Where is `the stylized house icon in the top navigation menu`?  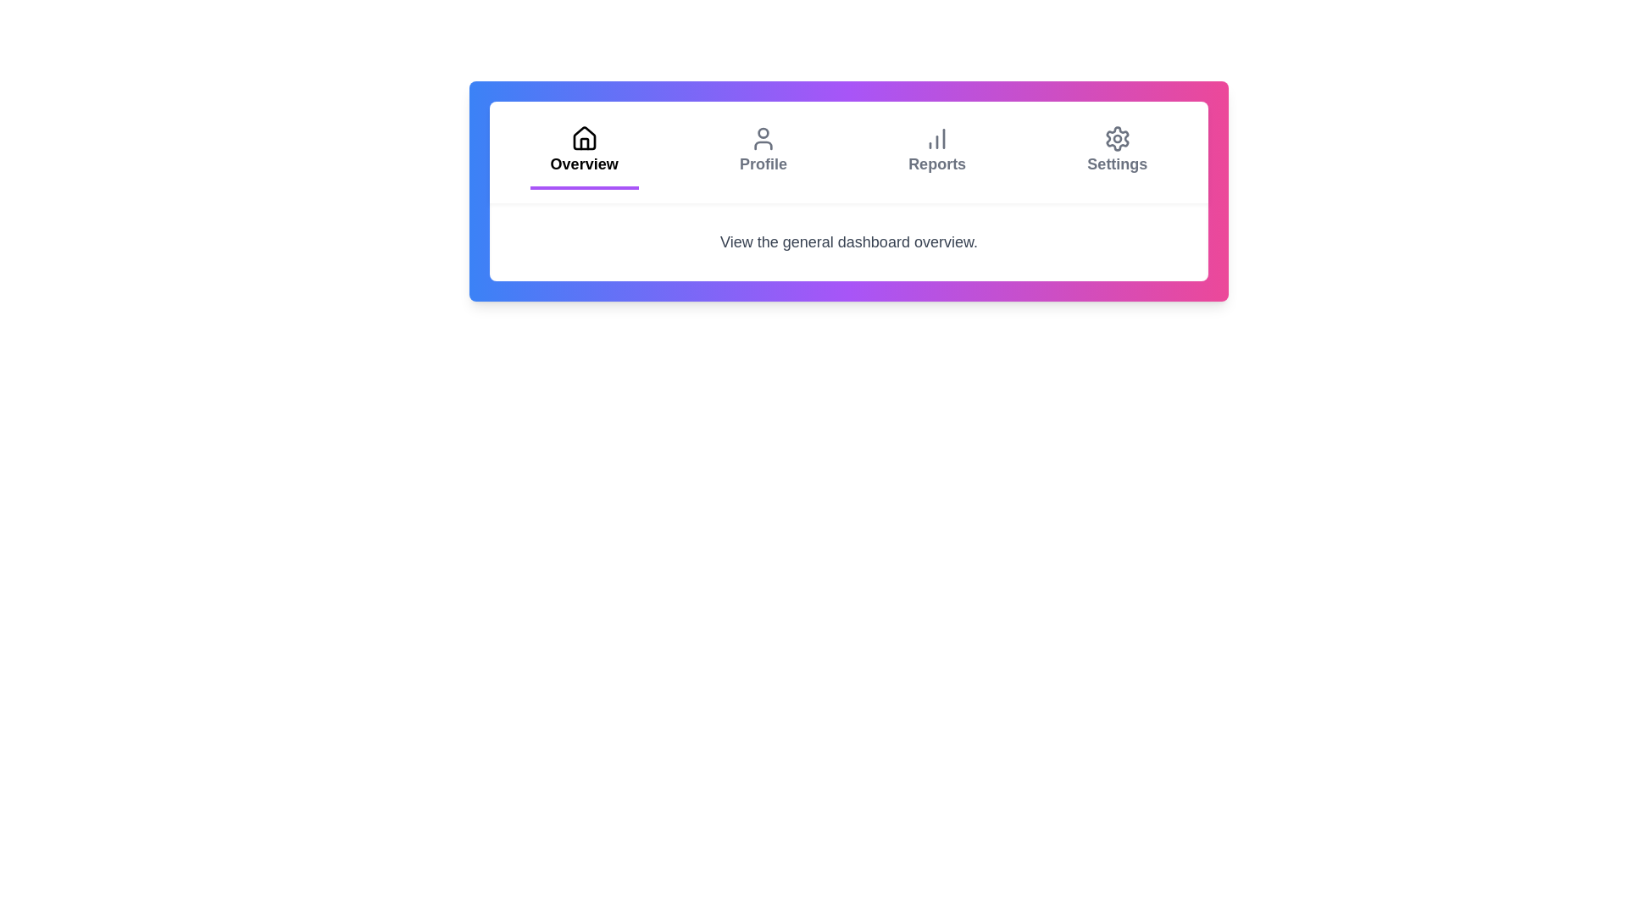
the stylized house icon in the top navigation menu is located at coordinates (584, 137).